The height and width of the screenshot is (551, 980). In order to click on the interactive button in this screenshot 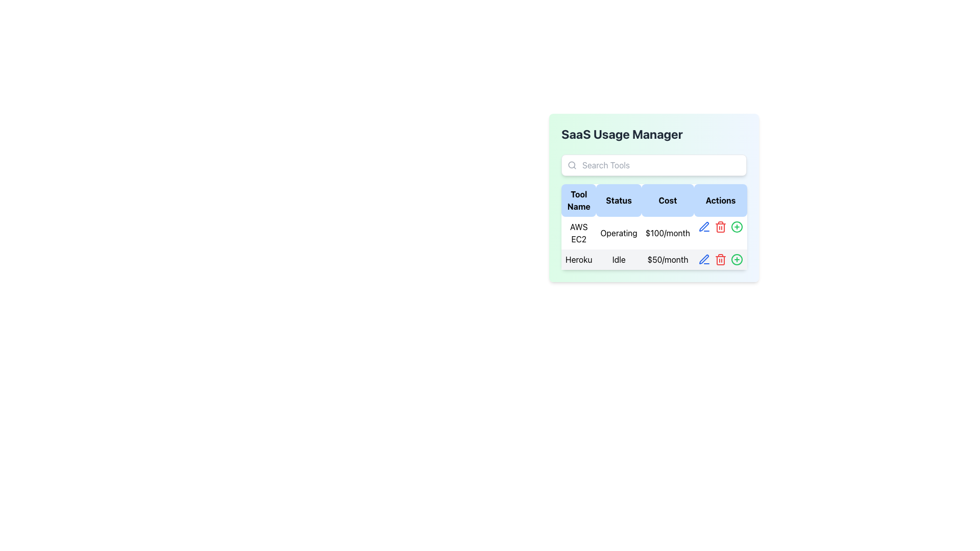, I will do `click(737, 259)`.